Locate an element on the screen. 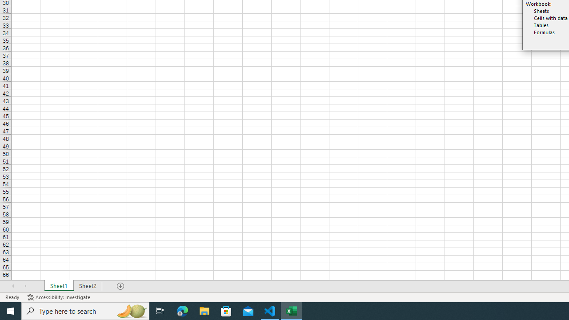 This screenshot has height=320, width=569. 'Accessibility Checker Accessibility: Investigate' is located at coordinates (59, 297).